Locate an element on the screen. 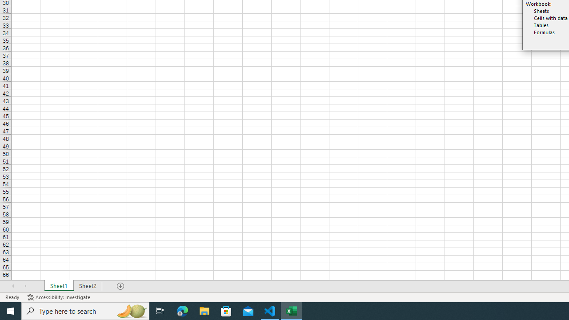 This screenshot has height=320, width=569. 'Accessibility Checker Accessibility: Investigate' is located at coordinates (59, 297).